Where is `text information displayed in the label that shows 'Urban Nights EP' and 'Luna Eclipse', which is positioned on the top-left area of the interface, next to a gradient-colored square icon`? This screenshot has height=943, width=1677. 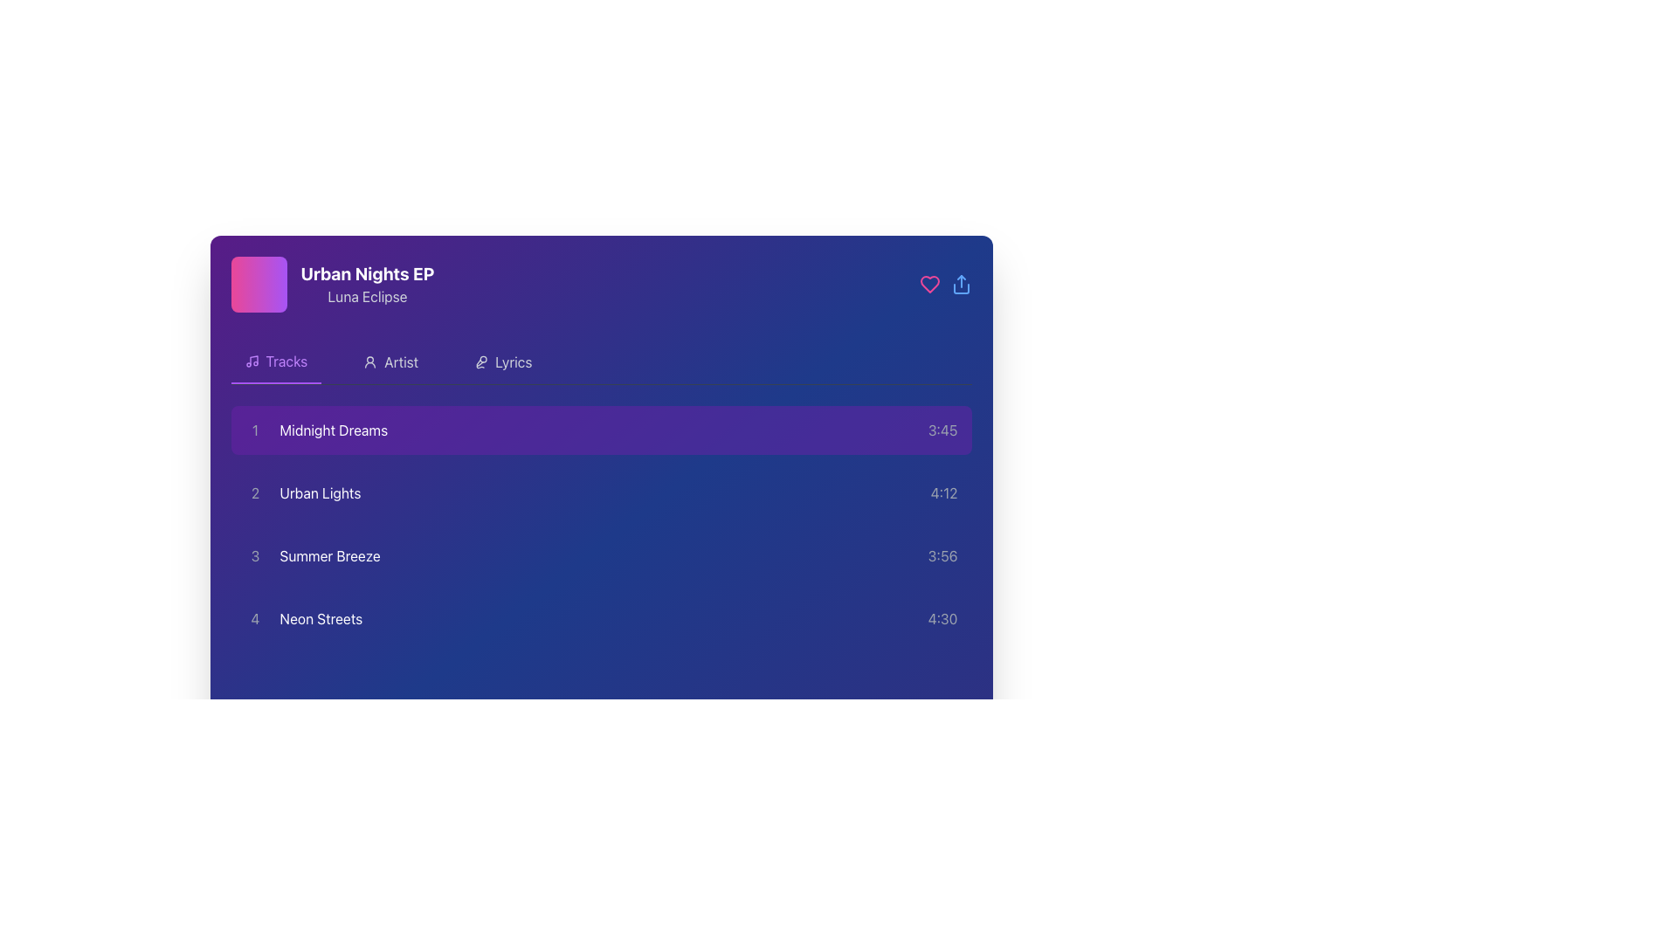
text information displayed in the label that shows 'Urban Nights EP' and 'Luna Eclipse', which is positioned on the top-left area of the interface, next to a gradient-colored square icon is located at coordinates (367, 284).